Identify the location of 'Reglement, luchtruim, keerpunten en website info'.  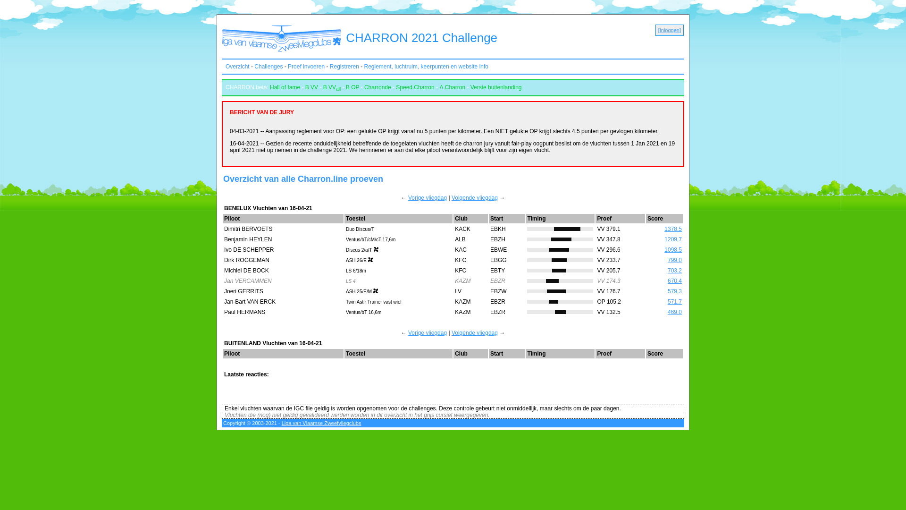
(426, 66).